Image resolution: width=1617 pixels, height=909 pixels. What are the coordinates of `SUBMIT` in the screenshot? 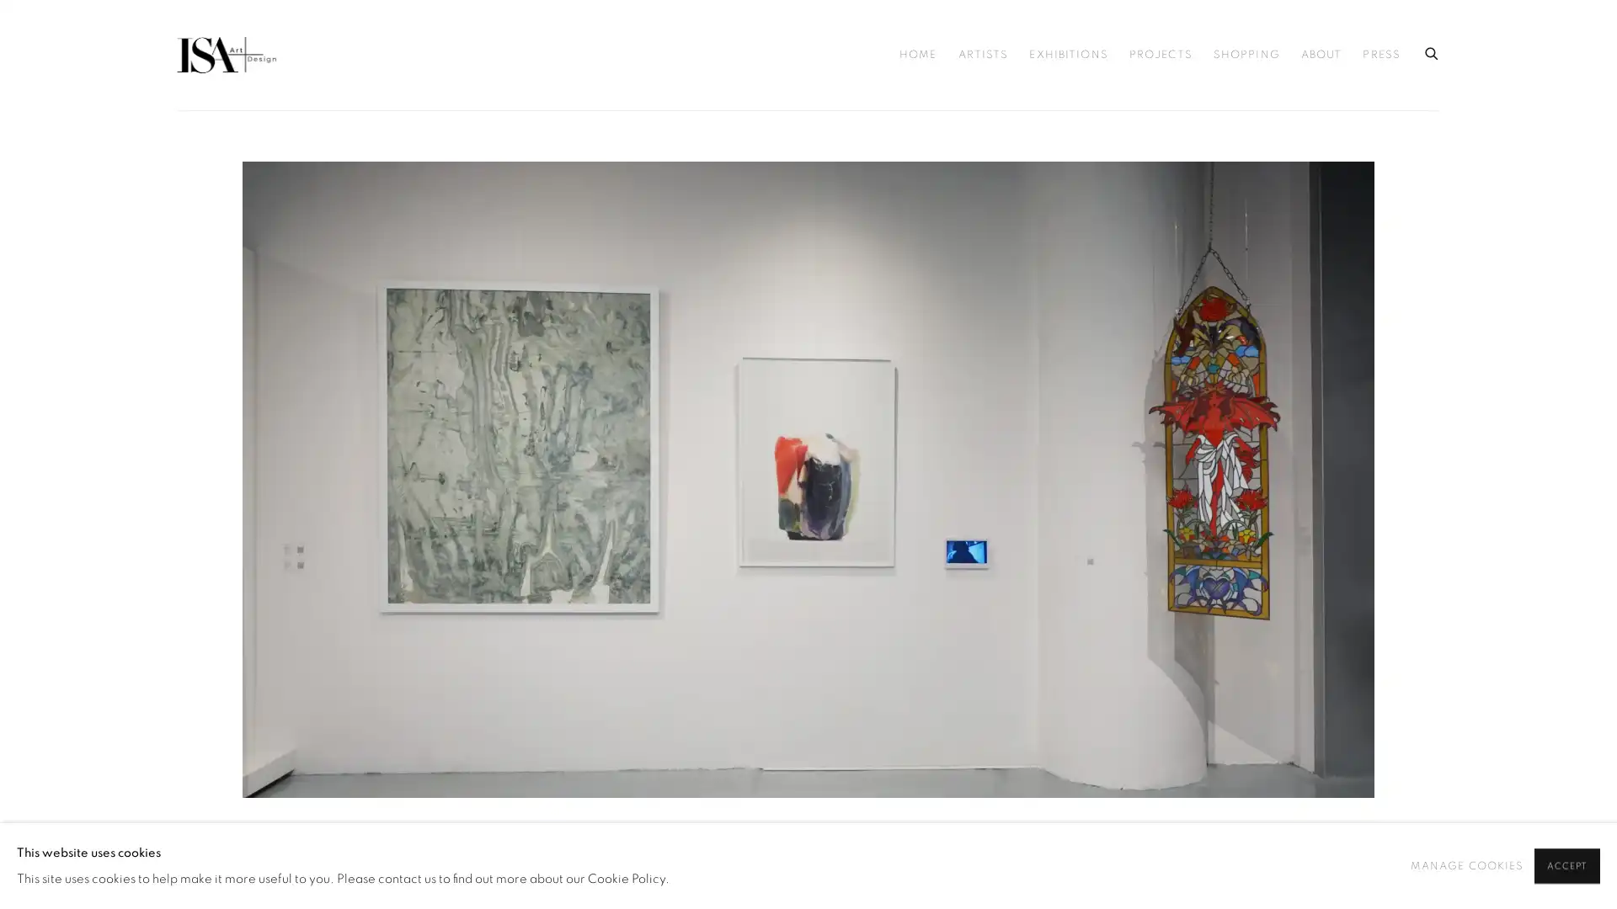 It's located at (654, 608).